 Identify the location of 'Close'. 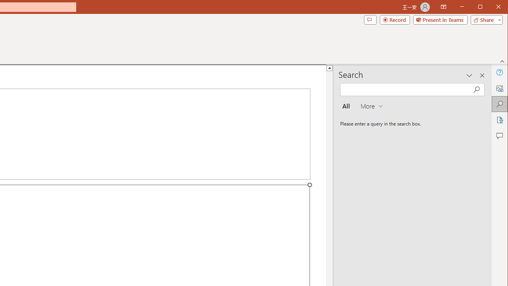
(500, 8).